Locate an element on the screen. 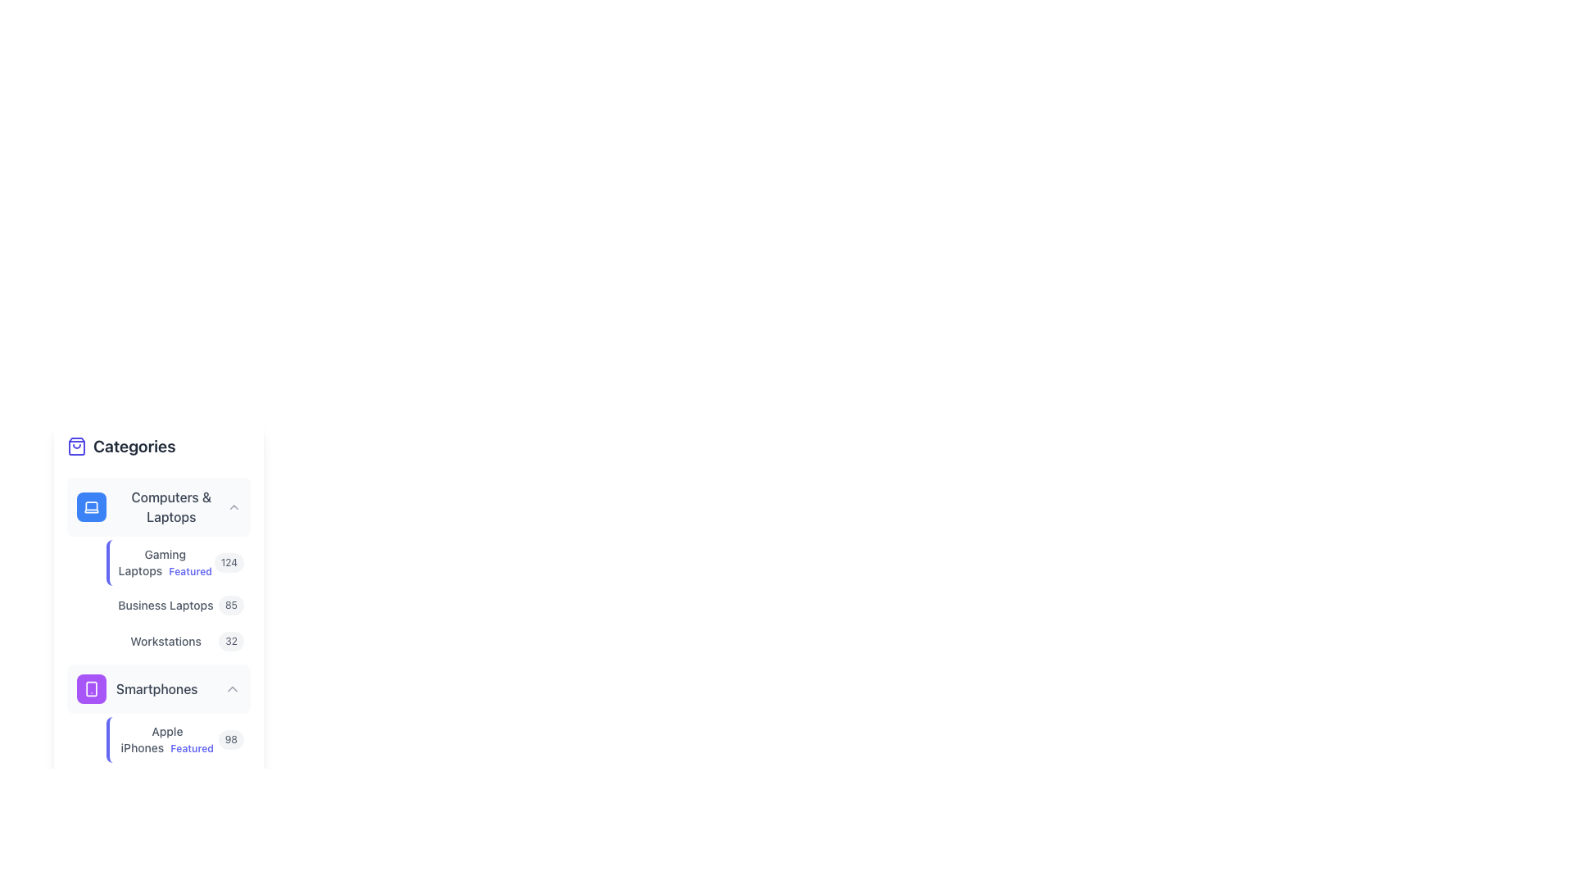 The image size is (1573, 885). the 'Apple iPhones' navigation link, which is the first entry in the Smartphones category list located in the upper section of the left sidebar is located at coordinates (178, 739).